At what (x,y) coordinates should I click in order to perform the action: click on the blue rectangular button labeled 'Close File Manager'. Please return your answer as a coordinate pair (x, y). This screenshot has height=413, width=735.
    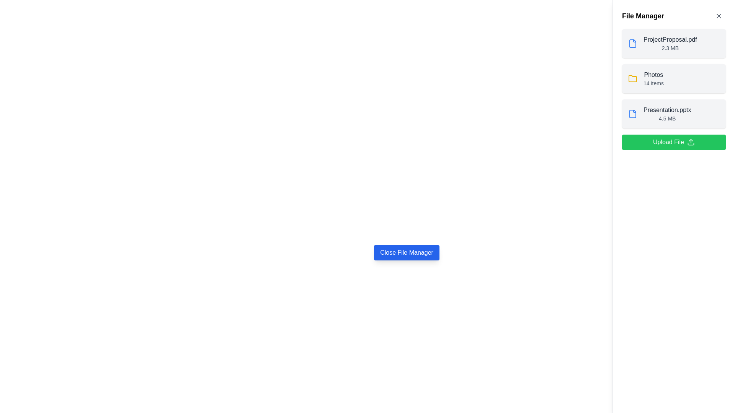
    Looking at the image, I should click on (406, 252).